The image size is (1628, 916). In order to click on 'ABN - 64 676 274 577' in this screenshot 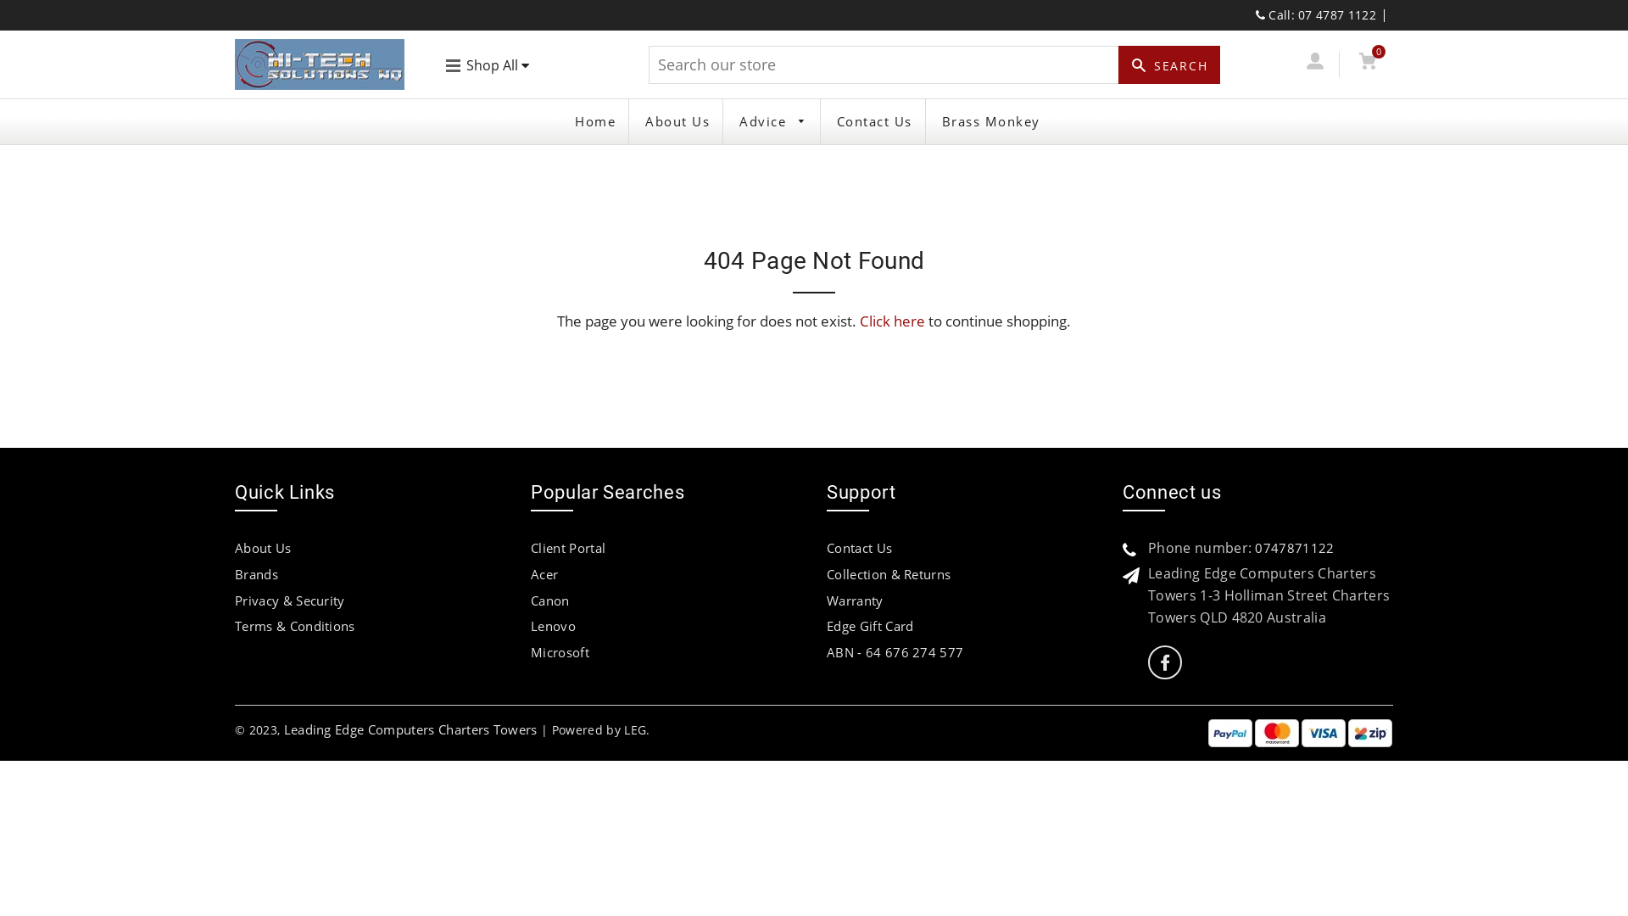, I will do `click(894, 651)`.